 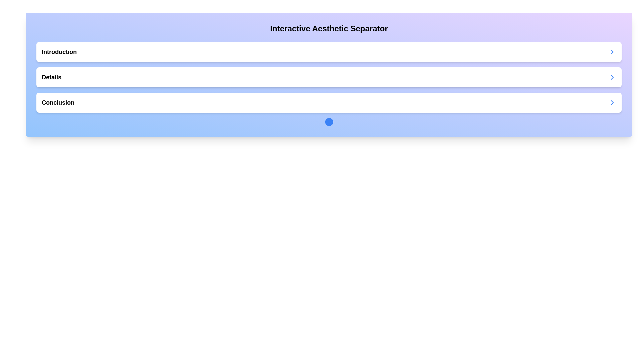 I want to click on the Decorative Line with Centered Dot, which features a gradient color transition from blue to purple and contains a circular blue dot at its center, so click(x=329, y=122).